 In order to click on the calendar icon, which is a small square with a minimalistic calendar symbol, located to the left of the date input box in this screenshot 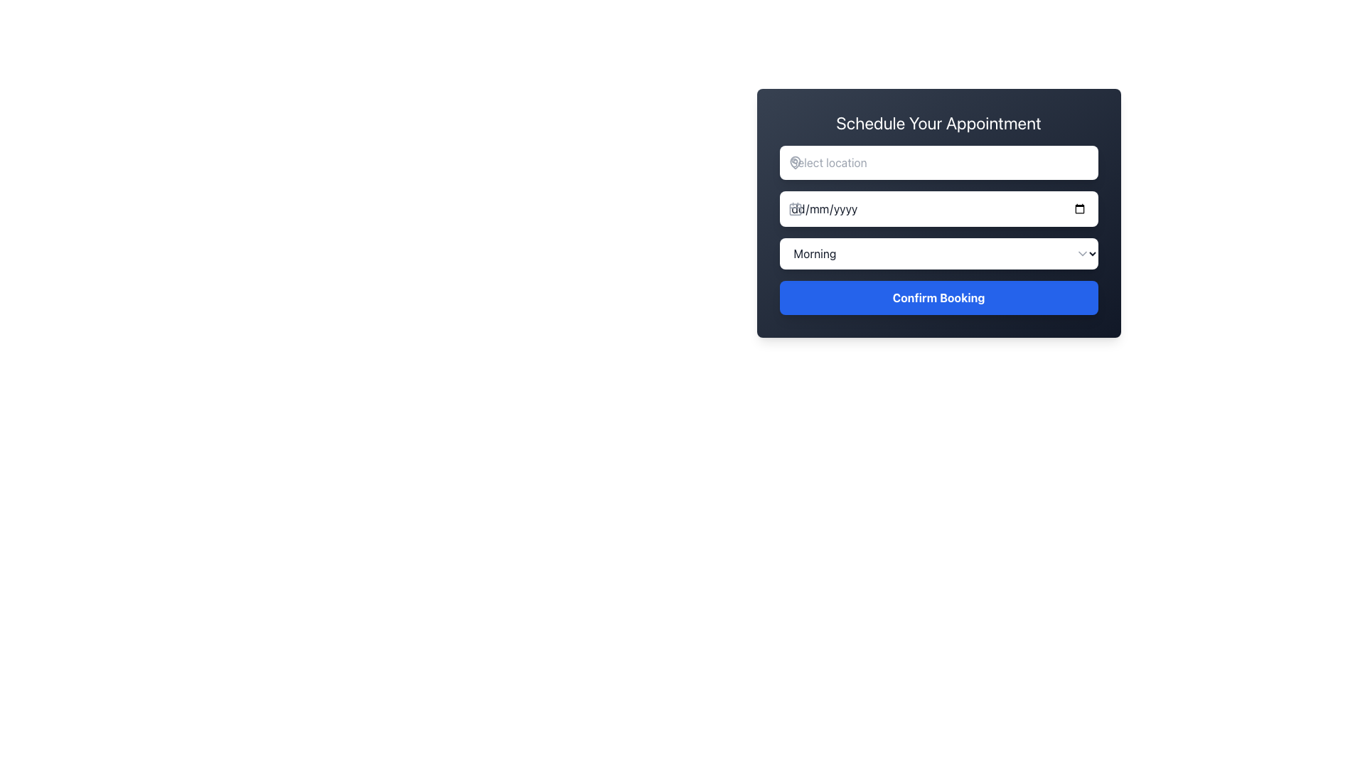, I will do `click(794, 208)`.